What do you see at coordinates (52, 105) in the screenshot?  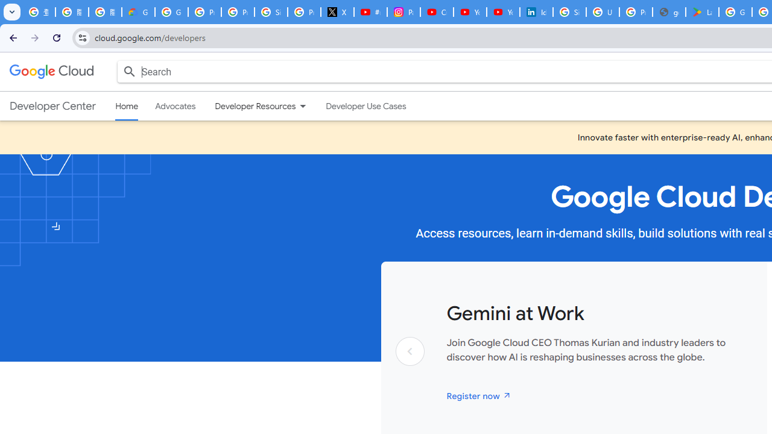 I see `'Developer Center'` at bounding box center [52, 105].